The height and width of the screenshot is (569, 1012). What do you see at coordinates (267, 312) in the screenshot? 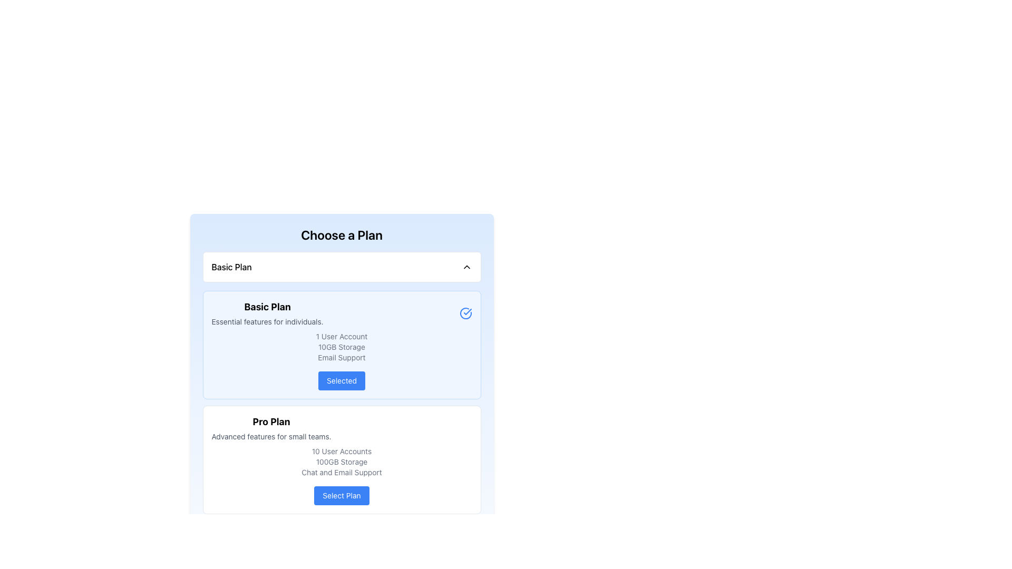
I see `the text label displaying 'Basic Plan' with a description 'Essential features for individuals.' which is centrally aligned in a light blue background within the 'Choose a Plan' page` at bounding box center [267, 312].